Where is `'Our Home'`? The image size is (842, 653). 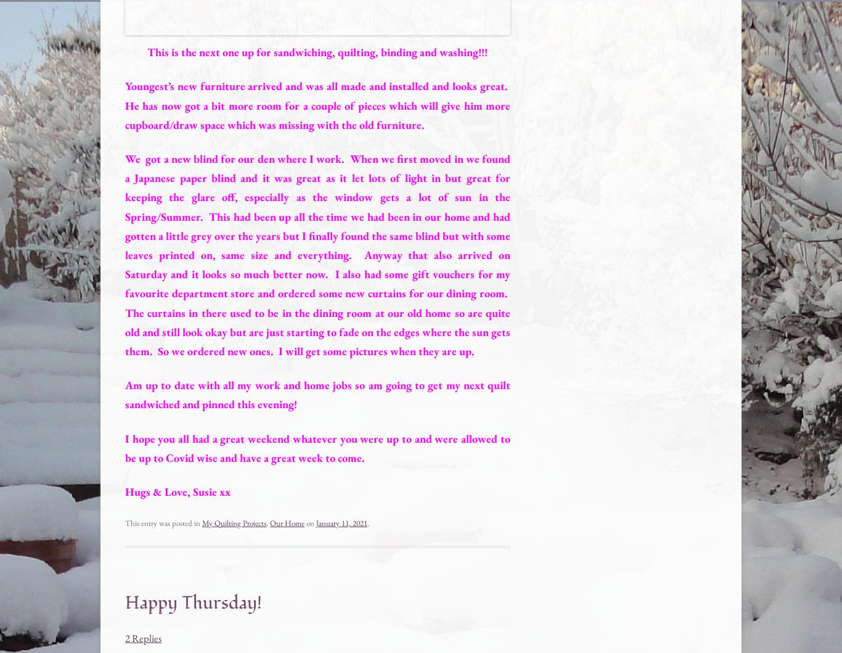
'Our Home' is located at coordinates (287, 523).